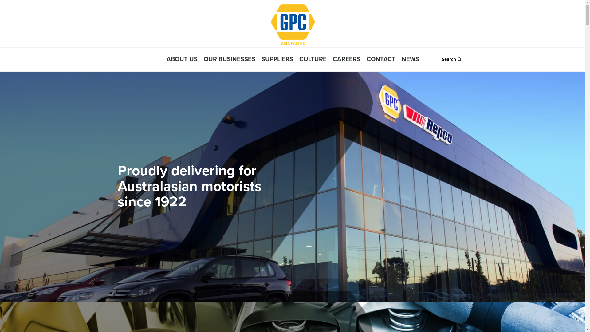 The height and width of the screenshot is (332, 590). What do you see at coordinates (383, 60) in the screenshot?
I see `'CONTACT'` at bounding box center [383, 60].